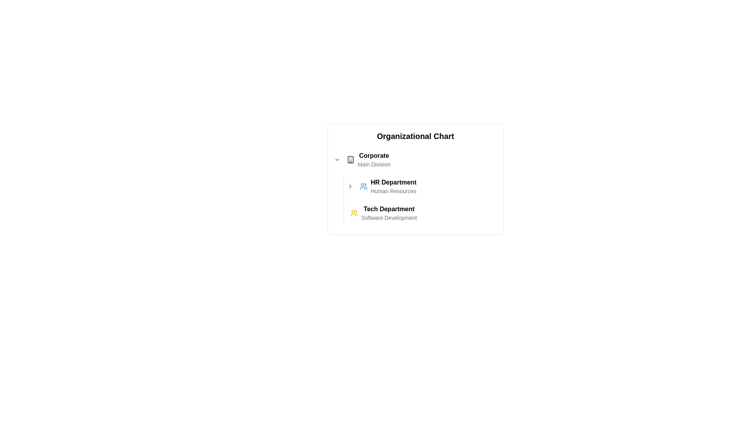 This screenshot has width=754, height=424. I want to click on the bold text label 'HR Department', so click(393, 183).